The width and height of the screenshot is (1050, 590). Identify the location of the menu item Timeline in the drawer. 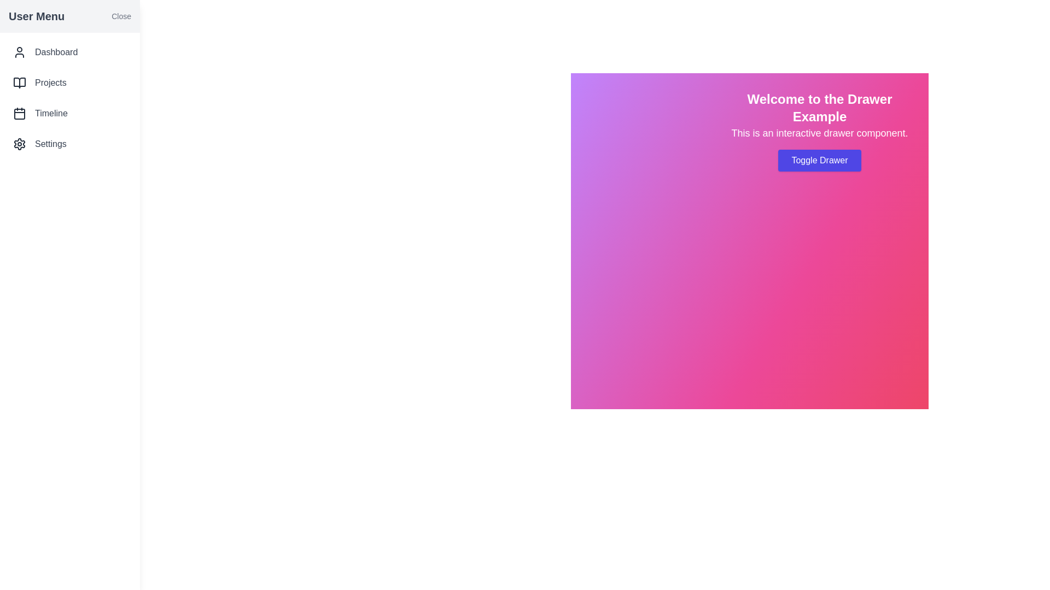
(69, 114).